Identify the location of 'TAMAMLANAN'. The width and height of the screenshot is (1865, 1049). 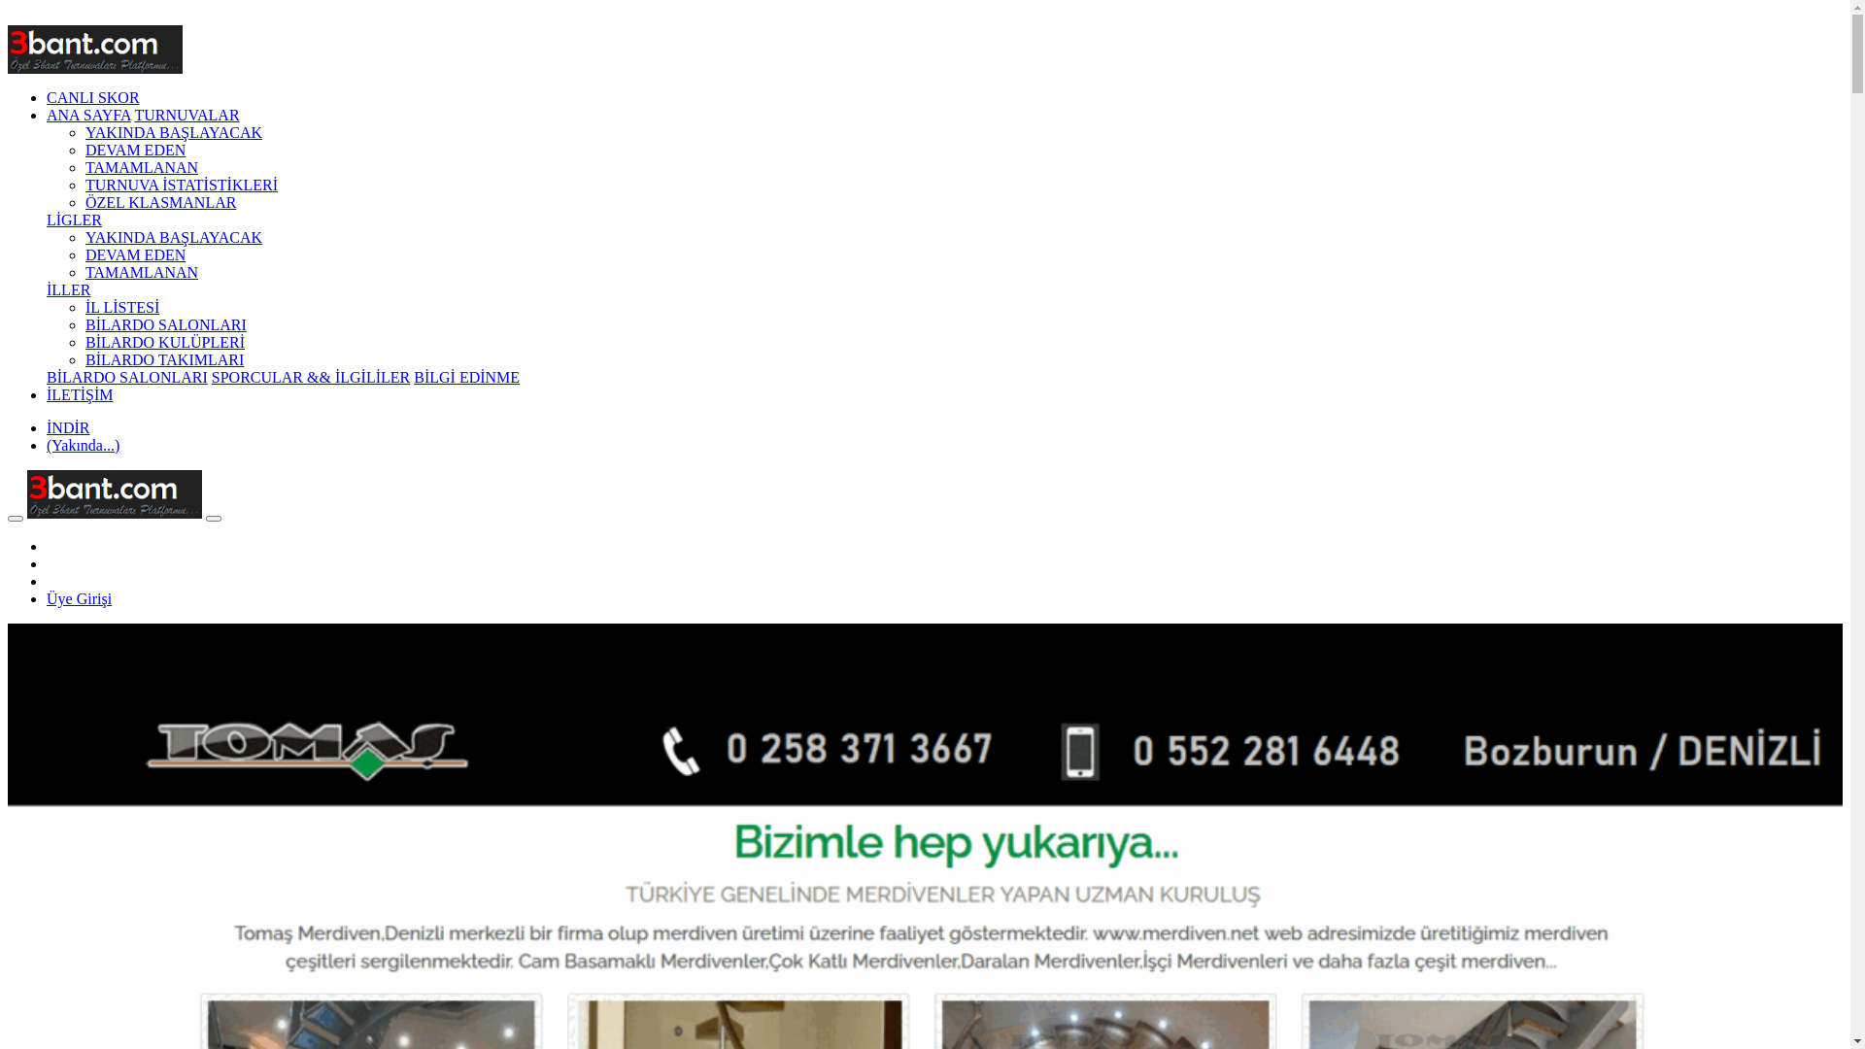
(140, 272).